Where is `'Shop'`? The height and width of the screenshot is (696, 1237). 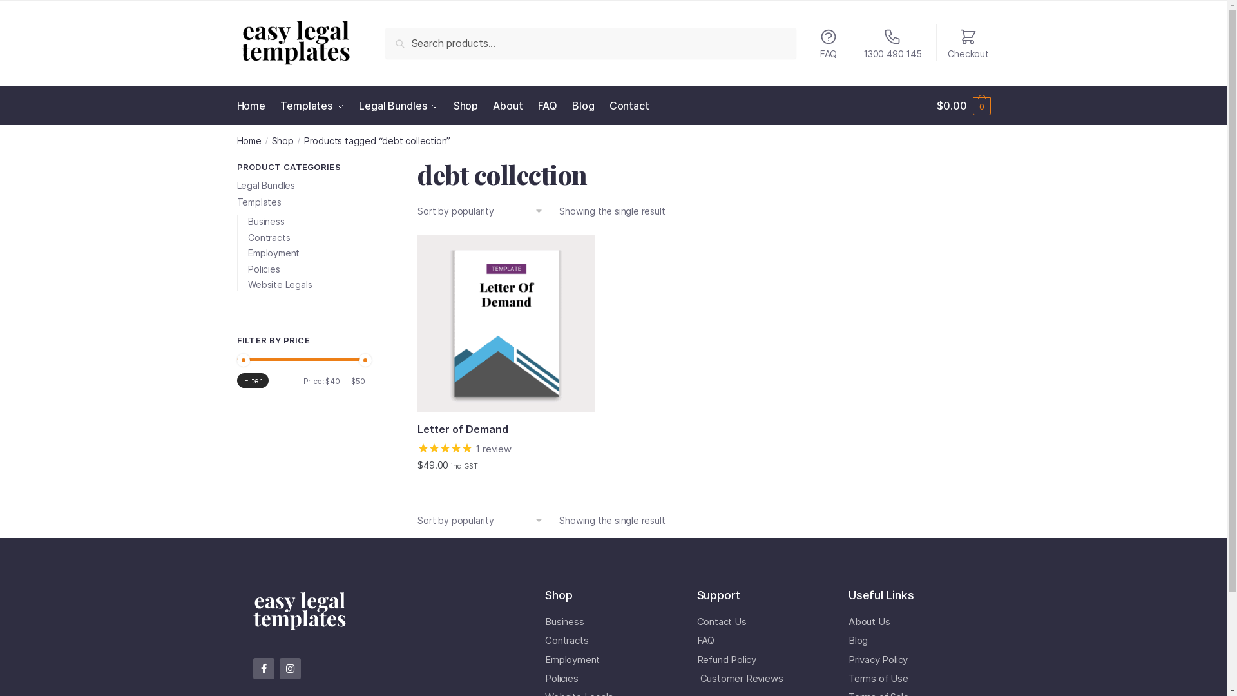 'Shop' is located at coordinates (282, 140).